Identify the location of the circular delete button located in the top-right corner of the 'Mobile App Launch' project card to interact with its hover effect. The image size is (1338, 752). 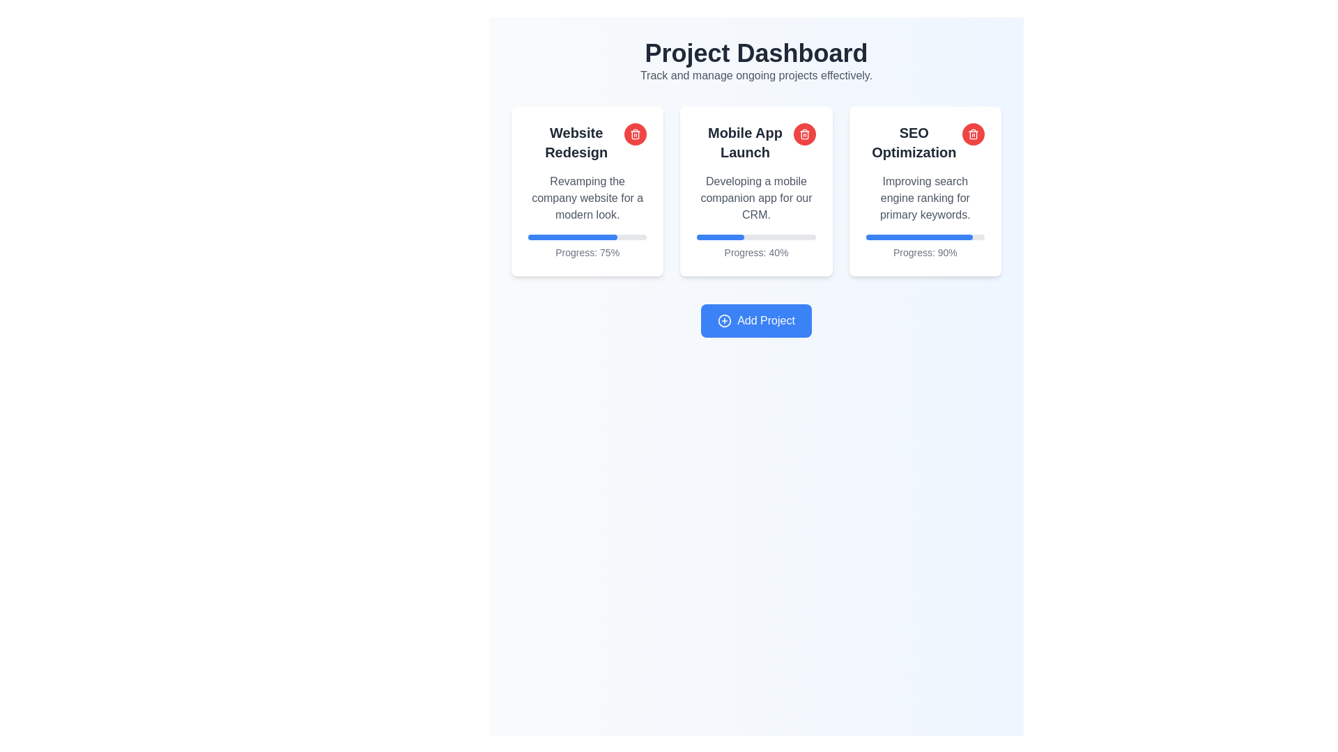
(804, 134).